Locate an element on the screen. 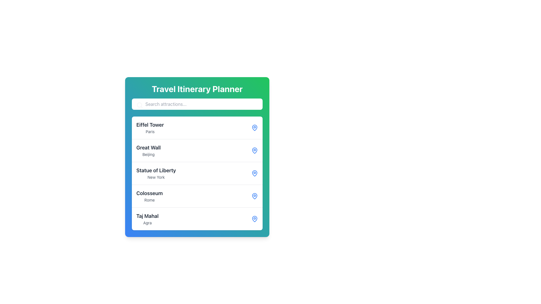  the subtitle text 'New York' located beneath the title 'Statue of Liberty', which is displayed in small, light gray text style is located at coordinates (156, 177).